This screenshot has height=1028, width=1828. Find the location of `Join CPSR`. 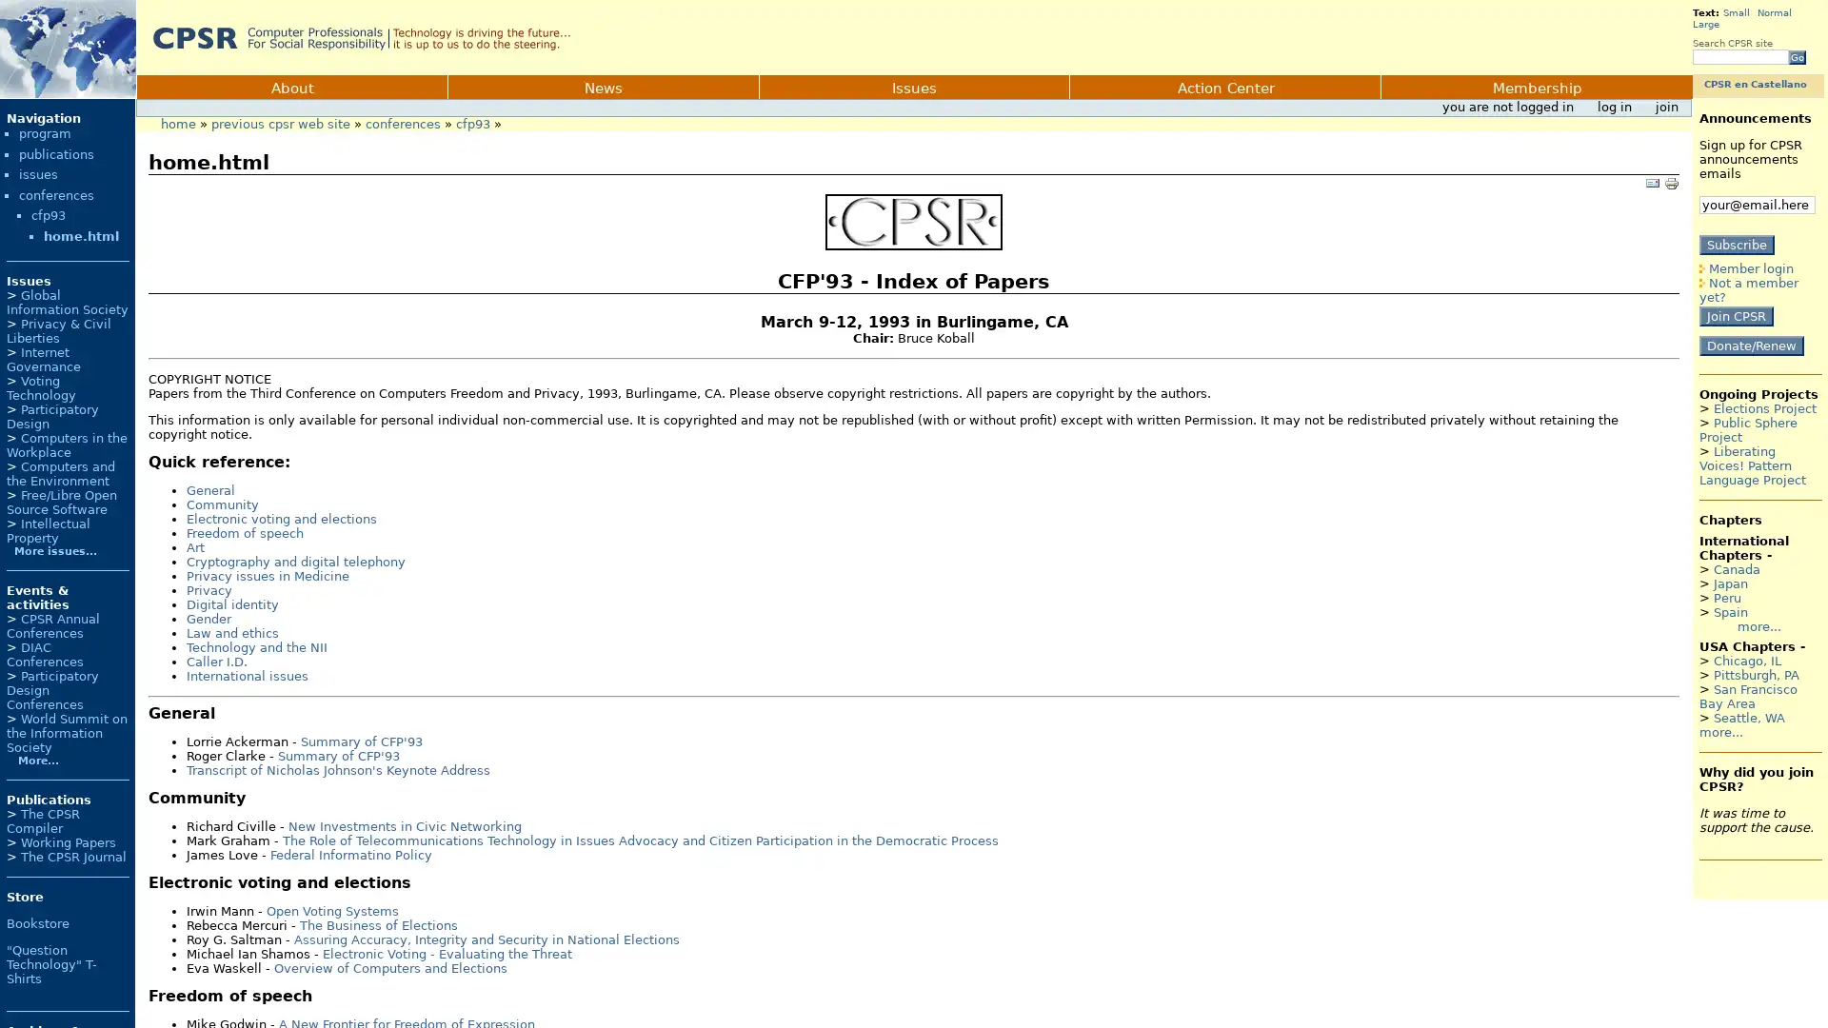

Join CPSR is located at coordinates (1736, 315).